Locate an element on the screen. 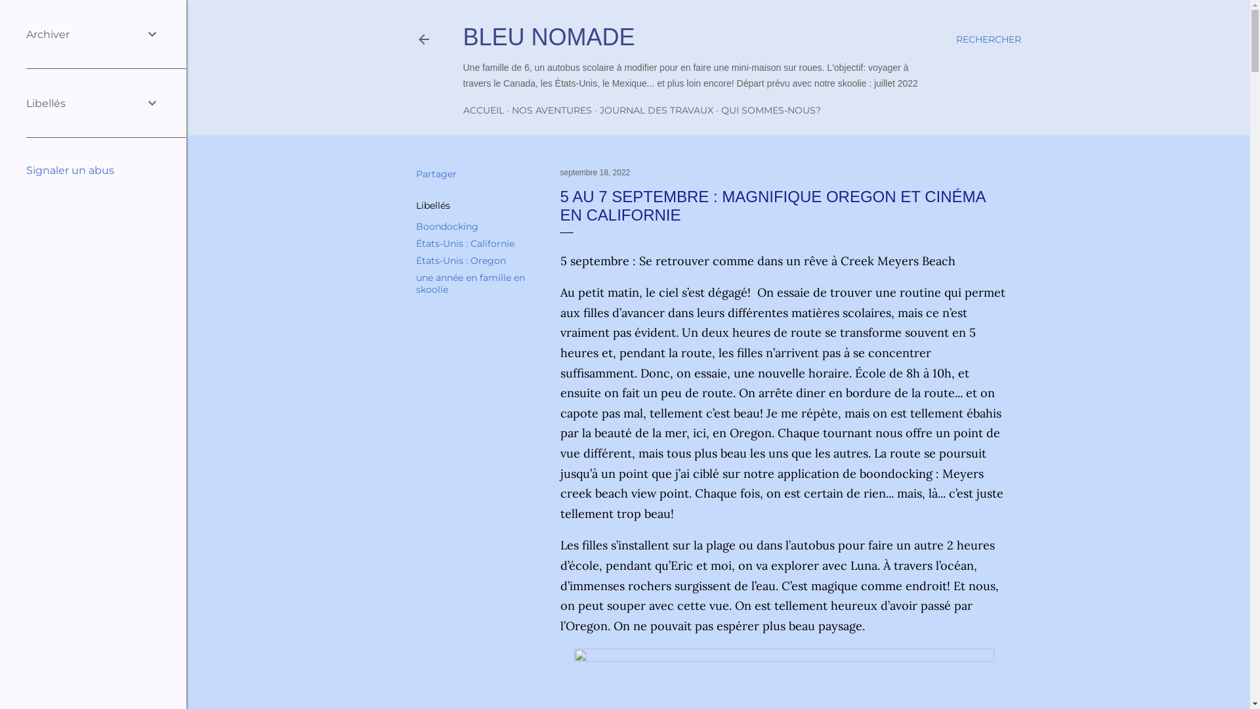  'Boondocking' is located at coordinates (447, 225).